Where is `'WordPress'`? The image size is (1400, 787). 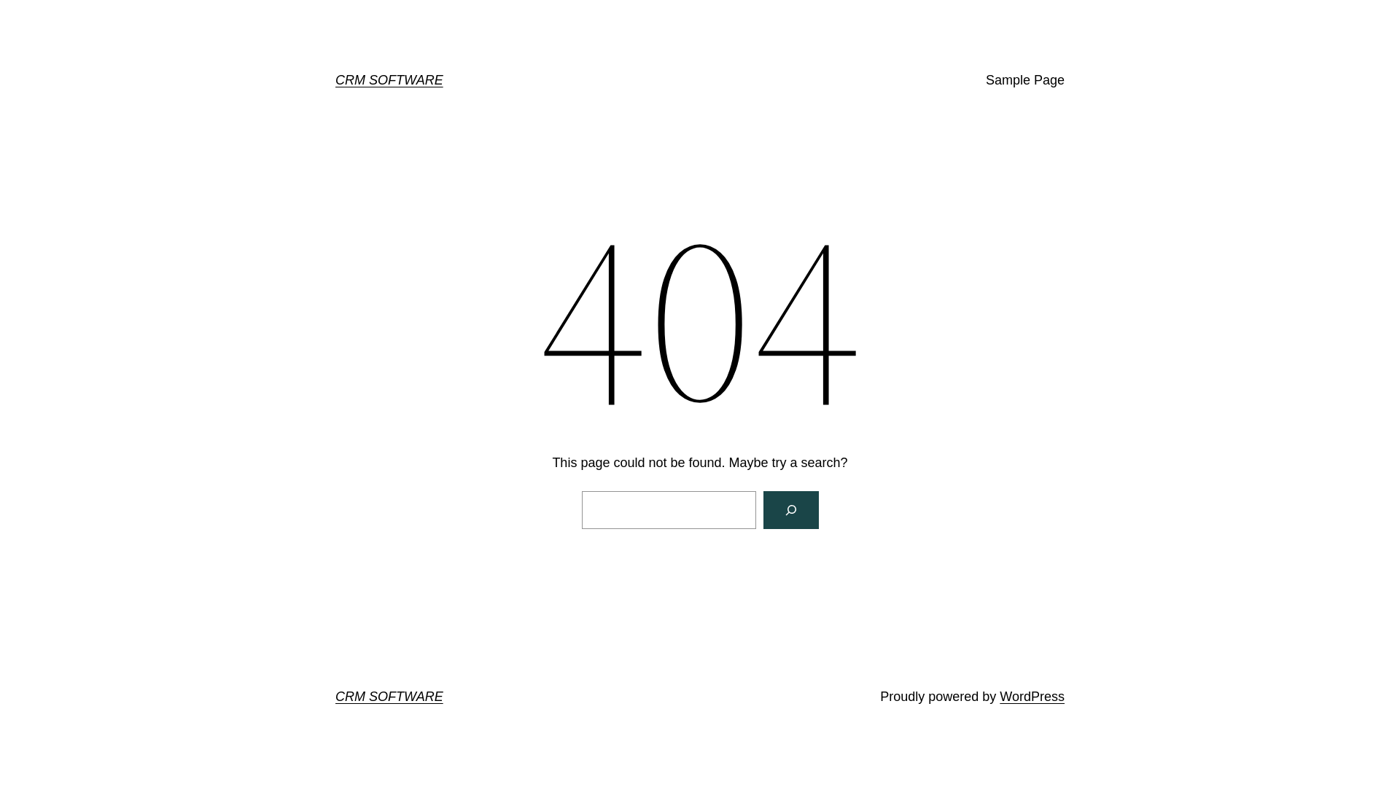 'WordPress' is located at coordinates (1031, 696).